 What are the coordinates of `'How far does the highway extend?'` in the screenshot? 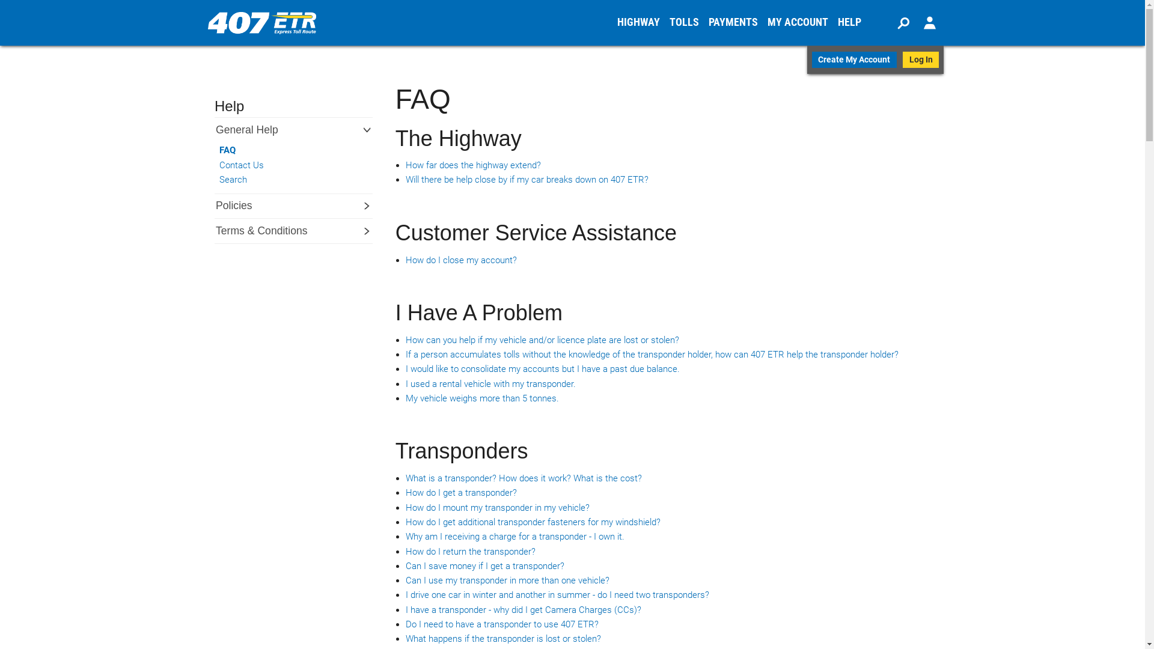 It's located at (472, 165).